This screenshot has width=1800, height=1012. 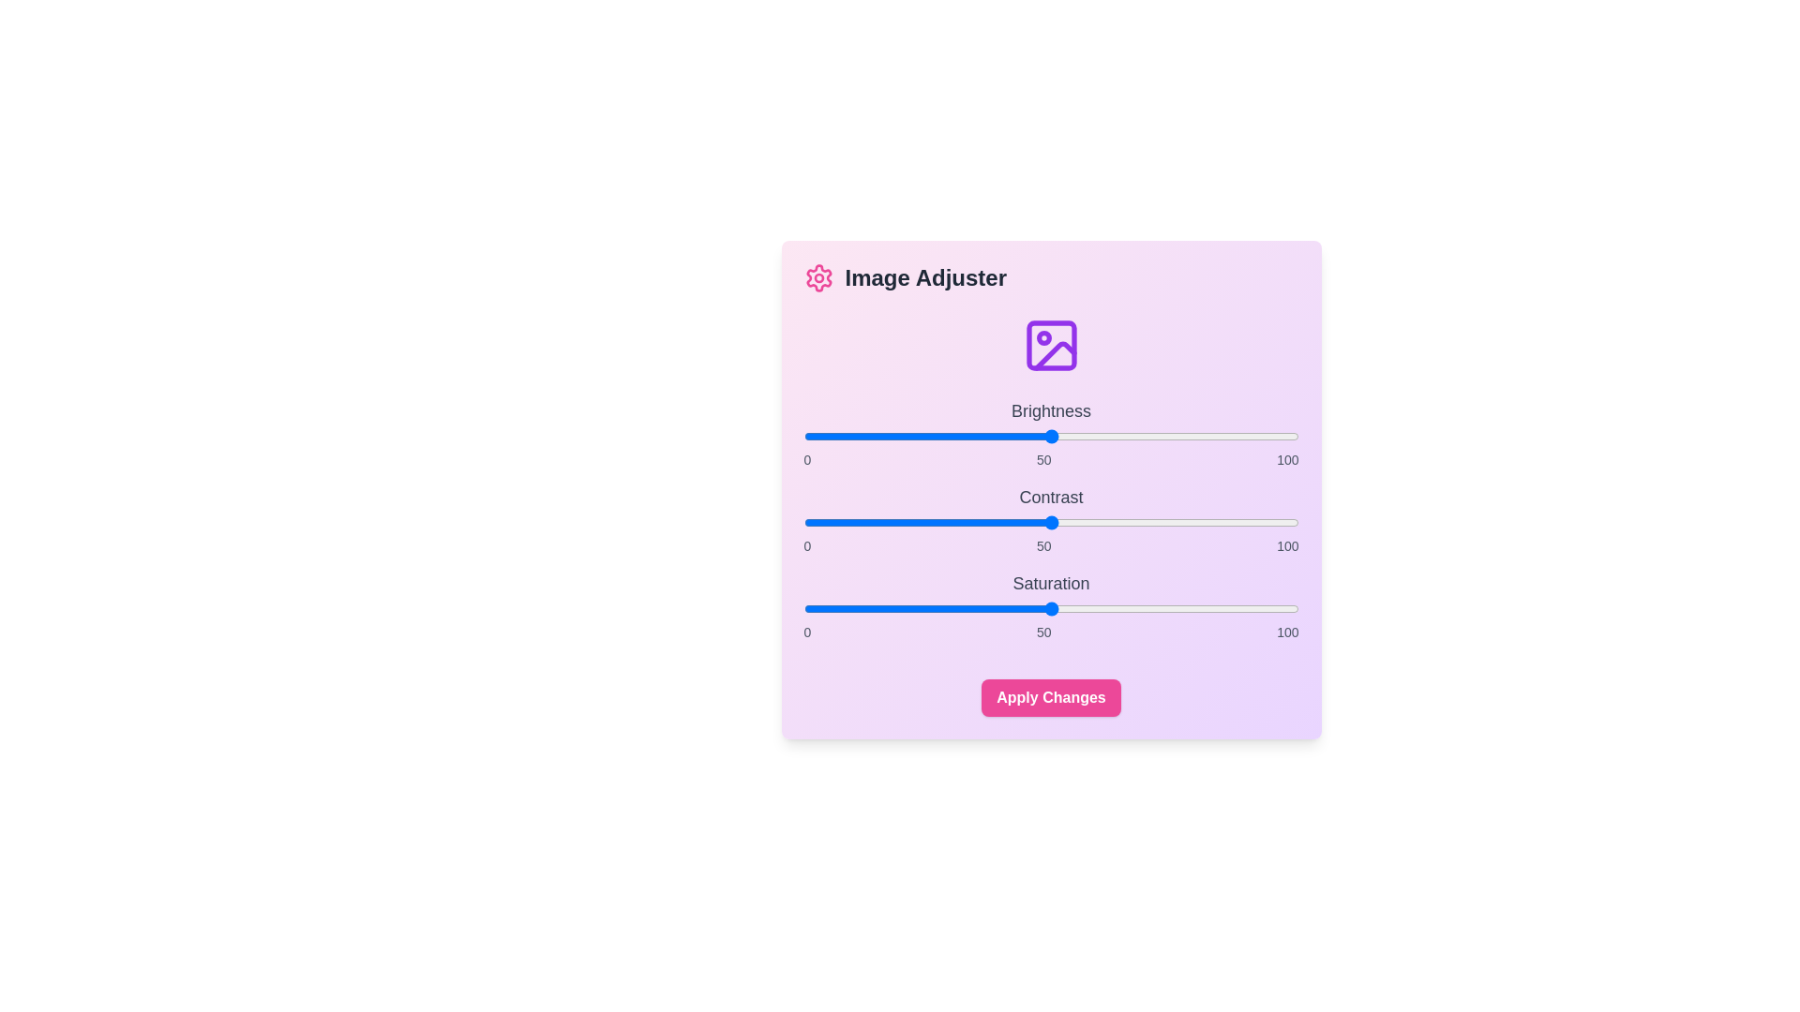 I want to click on the saturation slider to set the value to 32, so click(x=962, y=609).